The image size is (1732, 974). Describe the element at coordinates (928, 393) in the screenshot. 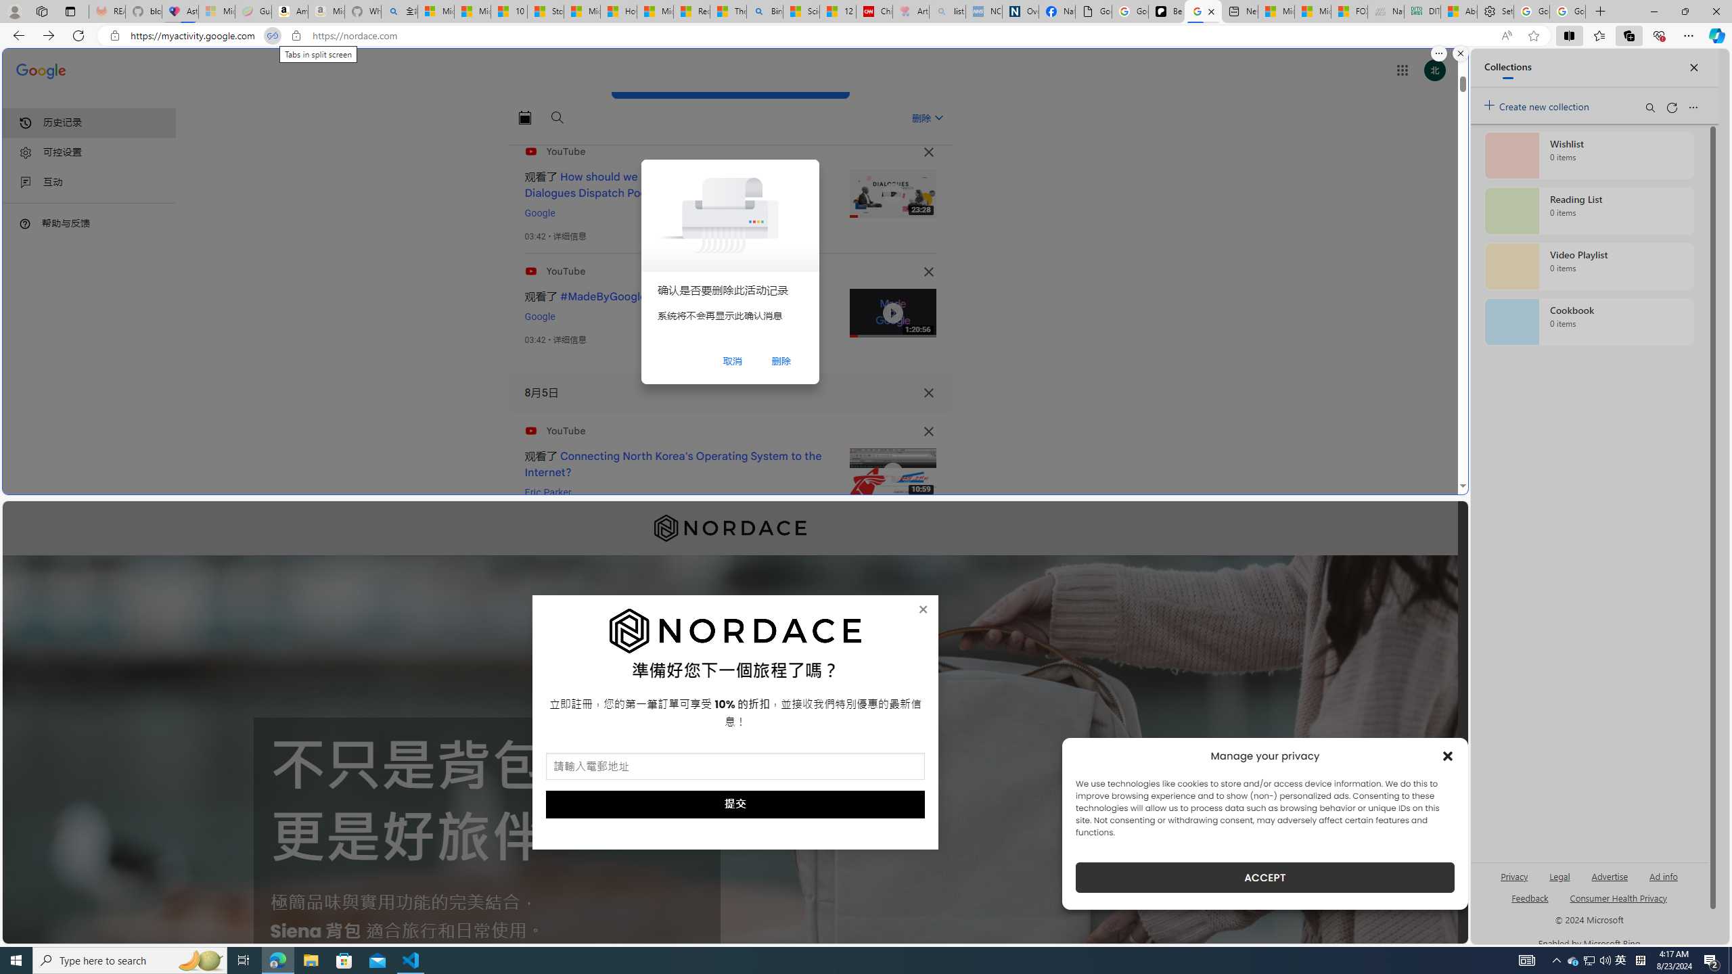

I see `'Class: DI7Mnf NMm5M'` at that location.